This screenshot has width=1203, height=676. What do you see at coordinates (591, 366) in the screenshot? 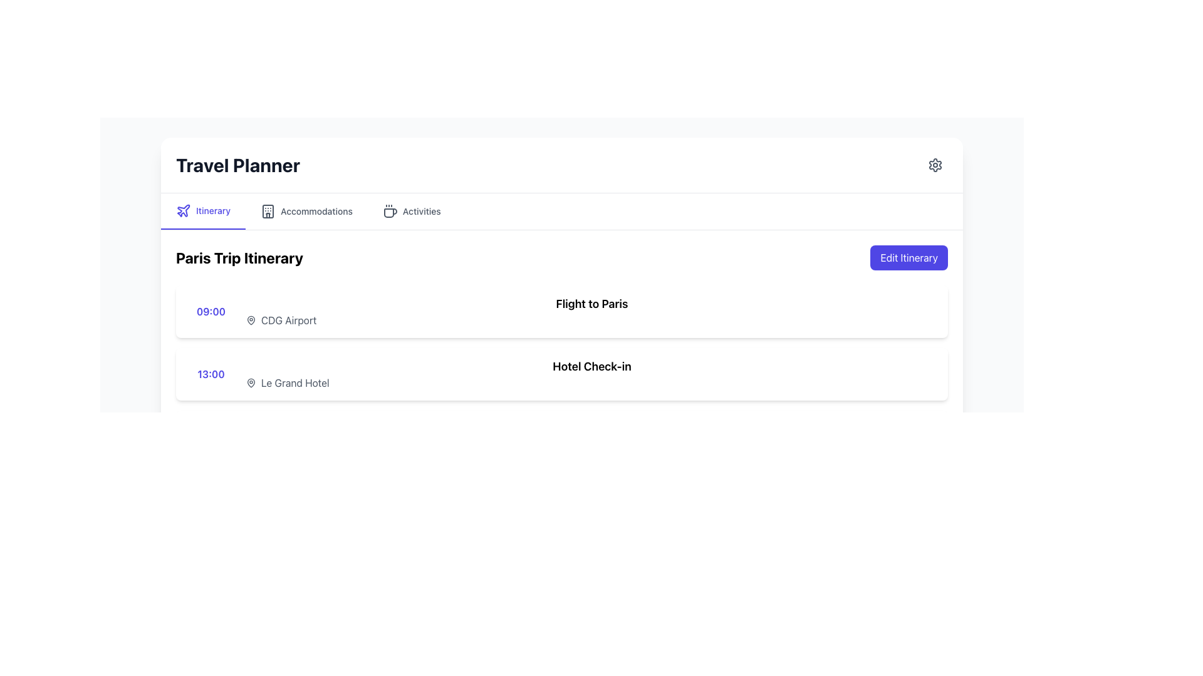
I see `the header label` at bounding box center [591, 366].